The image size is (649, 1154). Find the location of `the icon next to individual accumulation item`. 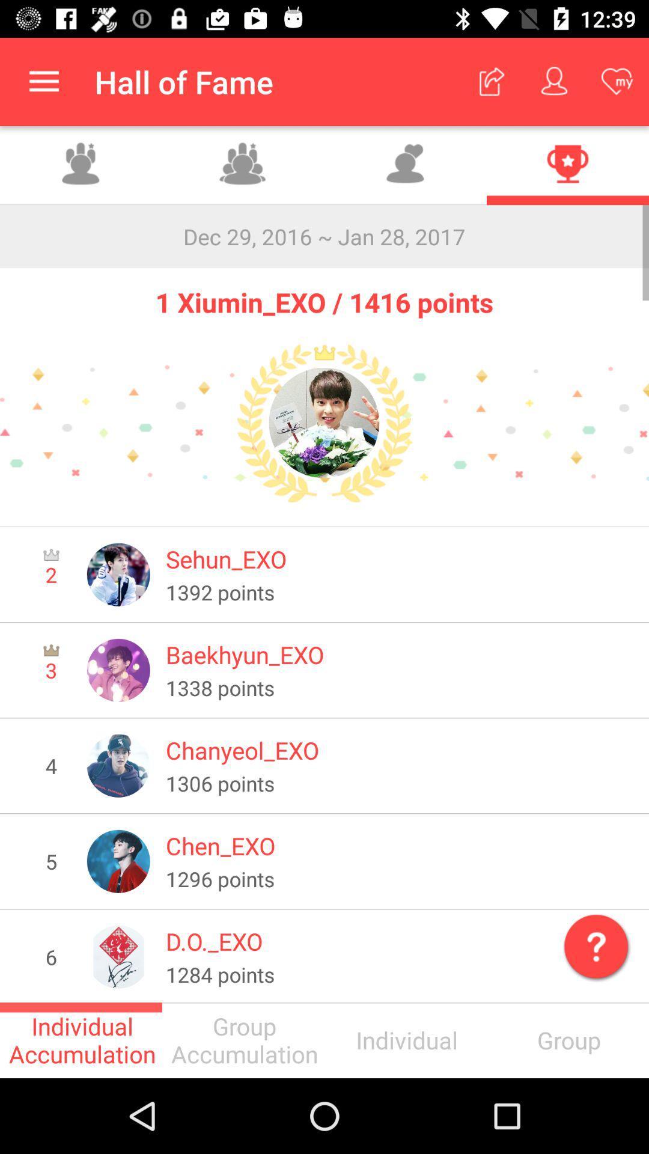

the icon next to individual accumulation item is located at coordinates (243, 1040).